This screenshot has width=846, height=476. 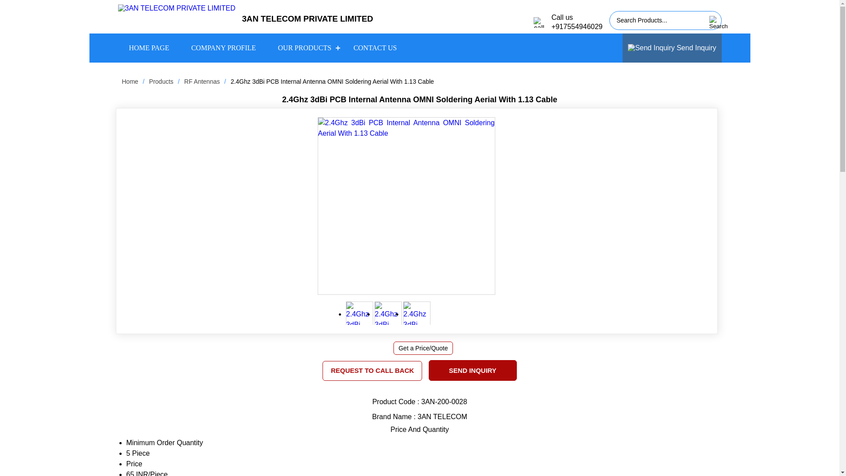 I want to click on 'Home', so click(x=129, y=82).